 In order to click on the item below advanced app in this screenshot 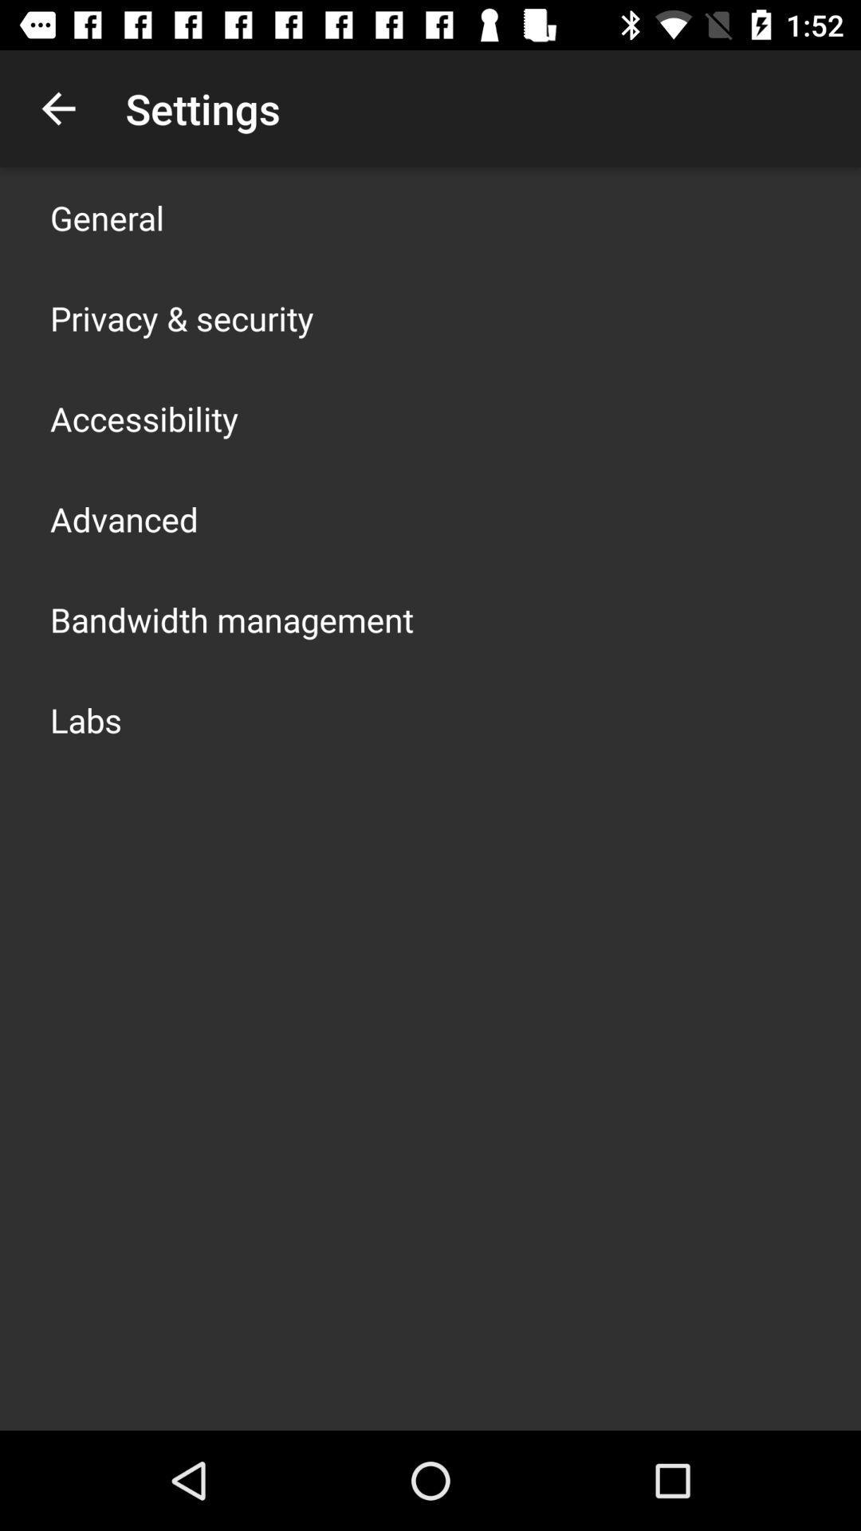, I will do `click(231, 619)`.